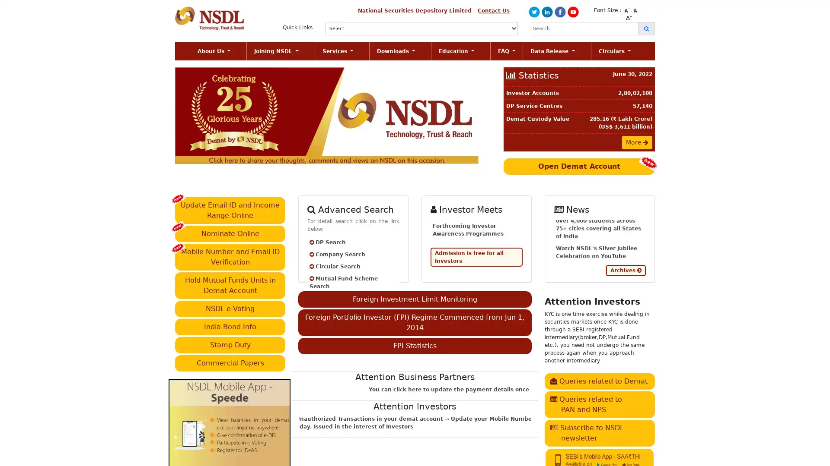  I want to click on Hold Mutual Funds Units in Demat Account, so click(230, 285).